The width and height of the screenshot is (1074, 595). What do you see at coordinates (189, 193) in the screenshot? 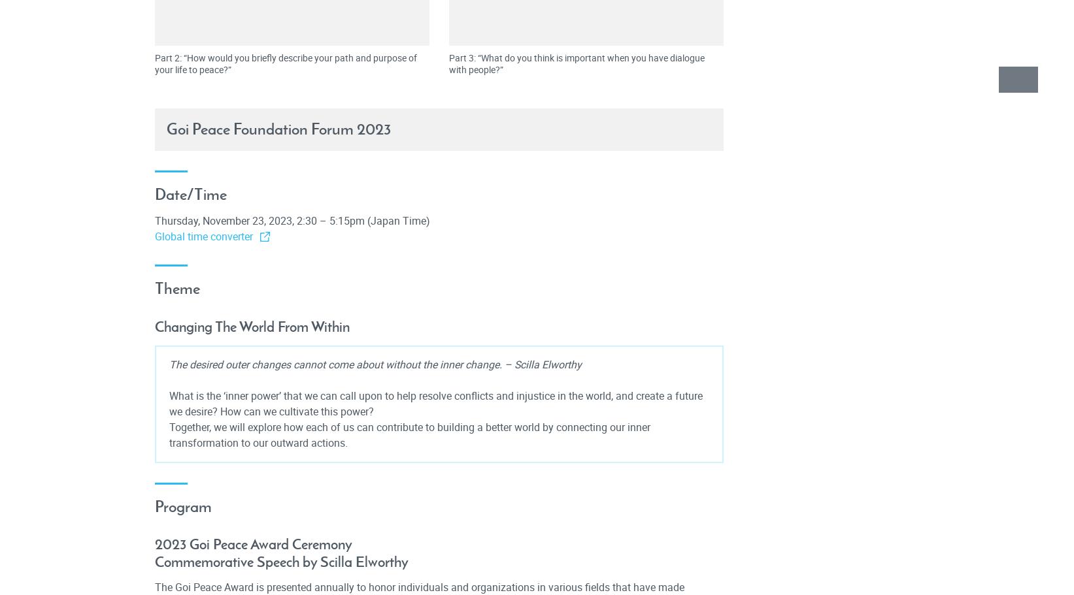
I see `'Date/Time'` at bounding box center [189, 193].